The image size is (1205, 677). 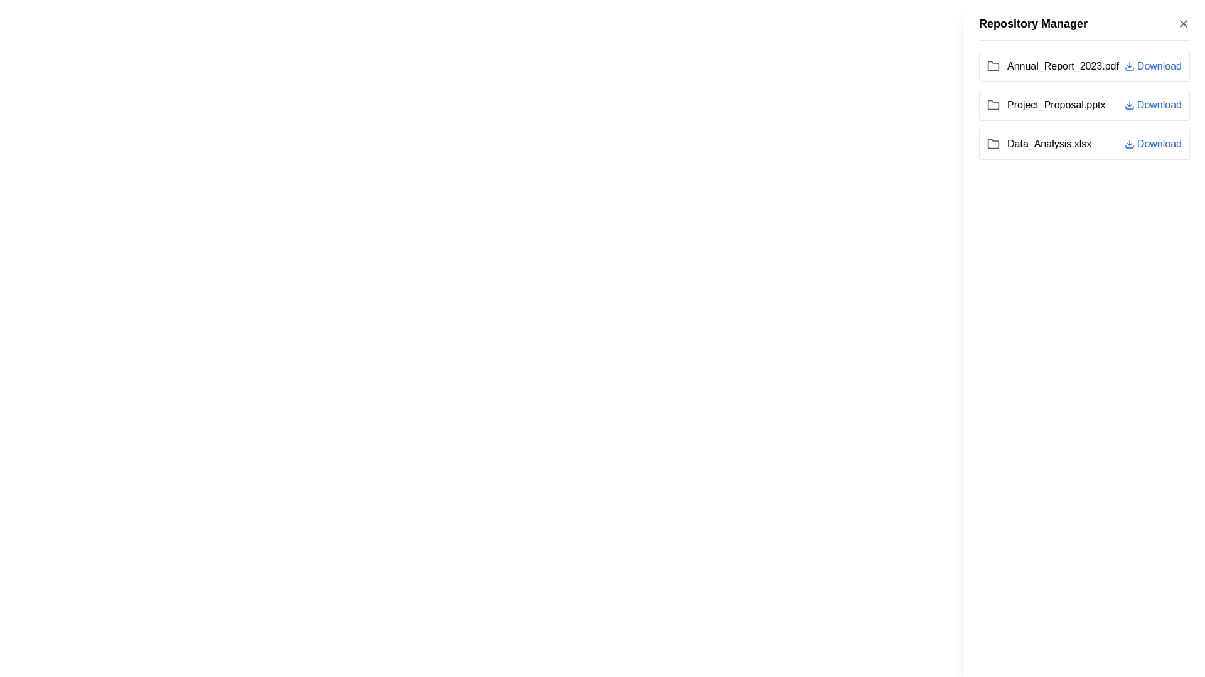 What do you see at coordinates (1129, 105) in the screenshot?
I see `the download icon associated with the 'Project_Proposal.pptx' file in the download list` at bounding box center [1129, 105].